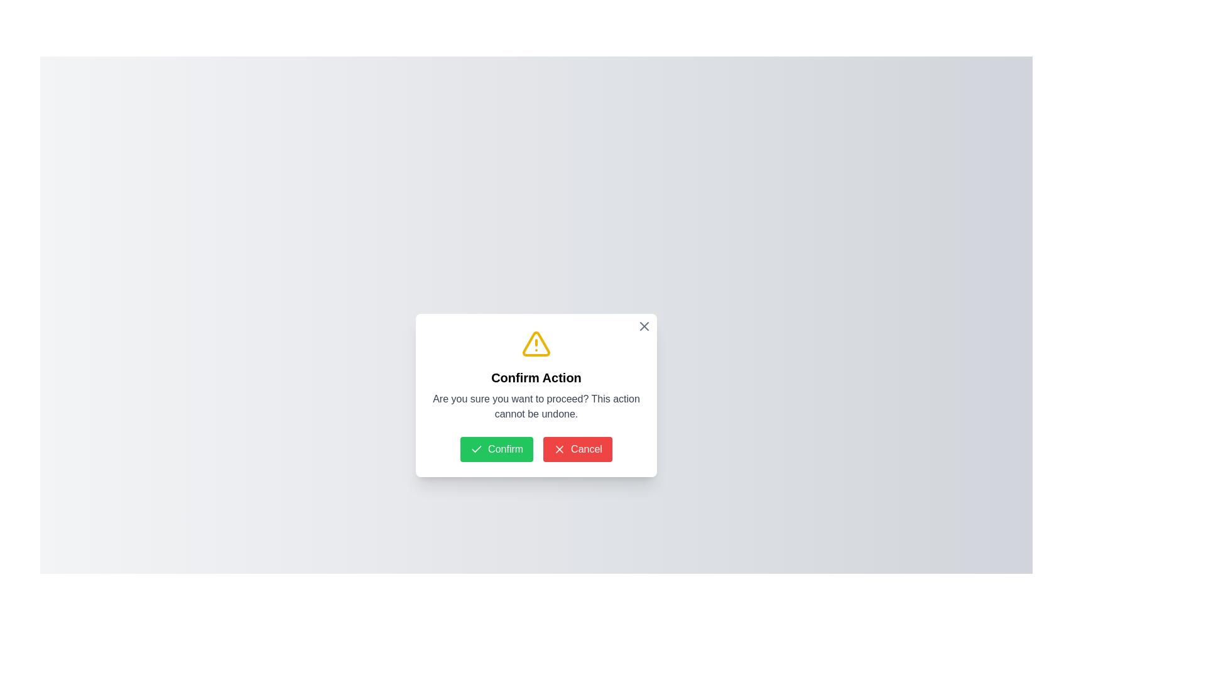 The width and height of the screenshot is (1206, 678). What do you see at coordinates (644, 328) in the screenshot?
I see `the close button (X) located at the top-right corner of the modal window` at bounding box center [644, 328].